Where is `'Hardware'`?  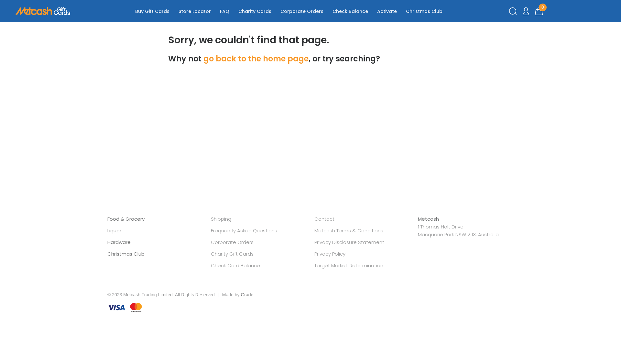 'Hardware' is located at coordinates (119, 242).